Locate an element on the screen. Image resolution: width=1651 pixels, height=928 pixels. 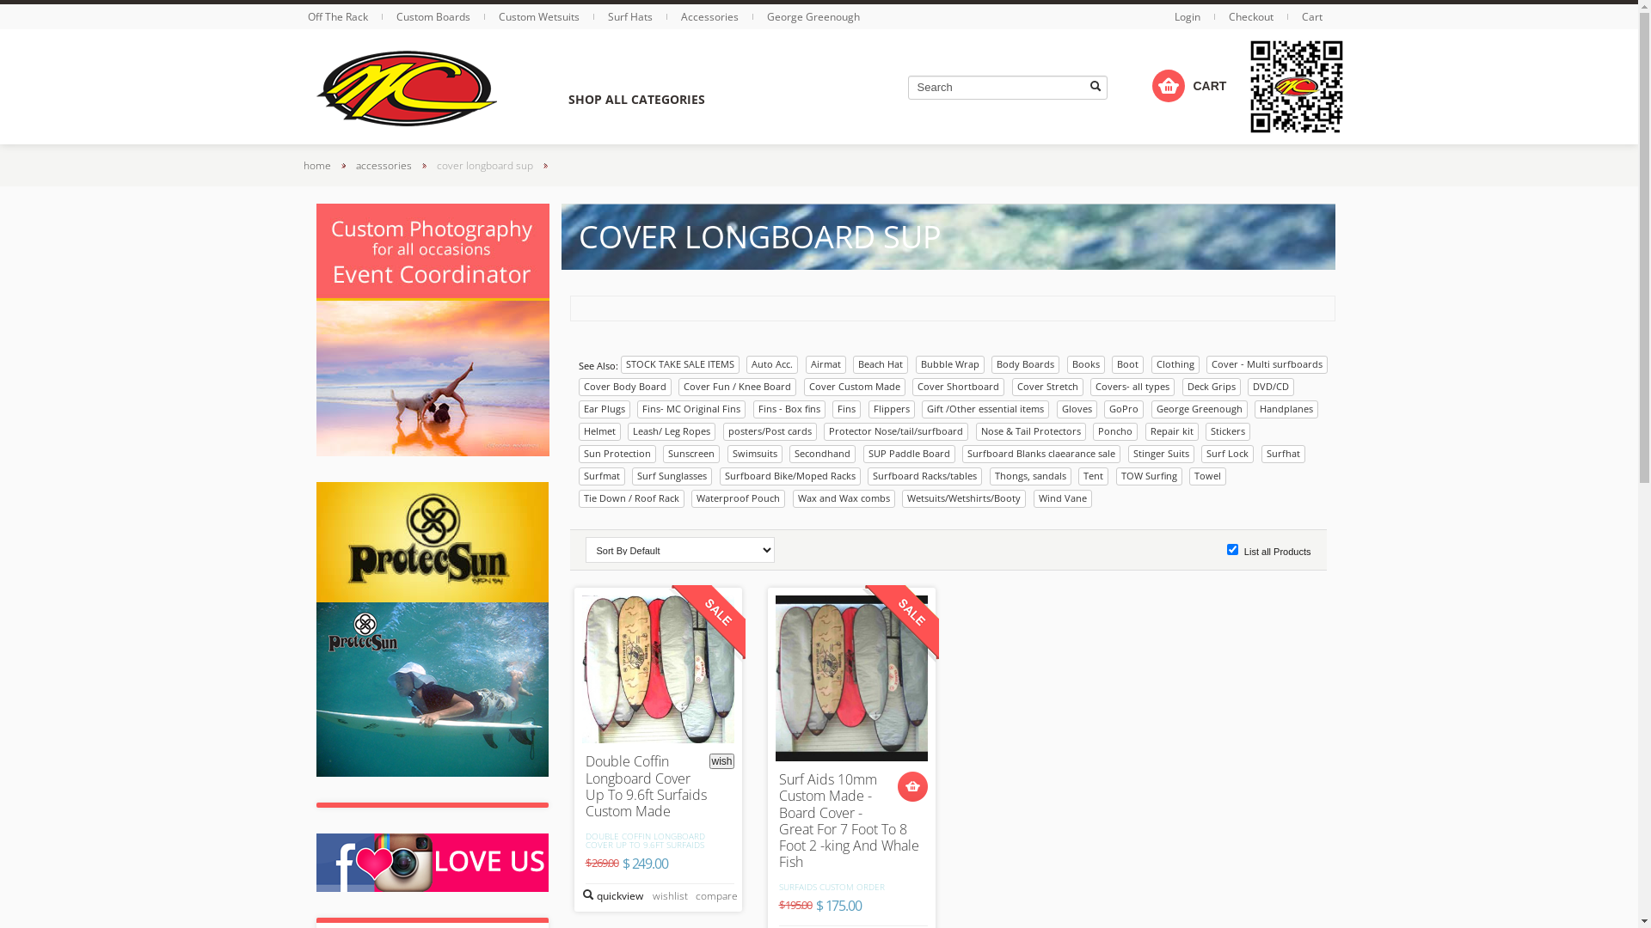
'Accessories' is located at coordinates (680, 16).